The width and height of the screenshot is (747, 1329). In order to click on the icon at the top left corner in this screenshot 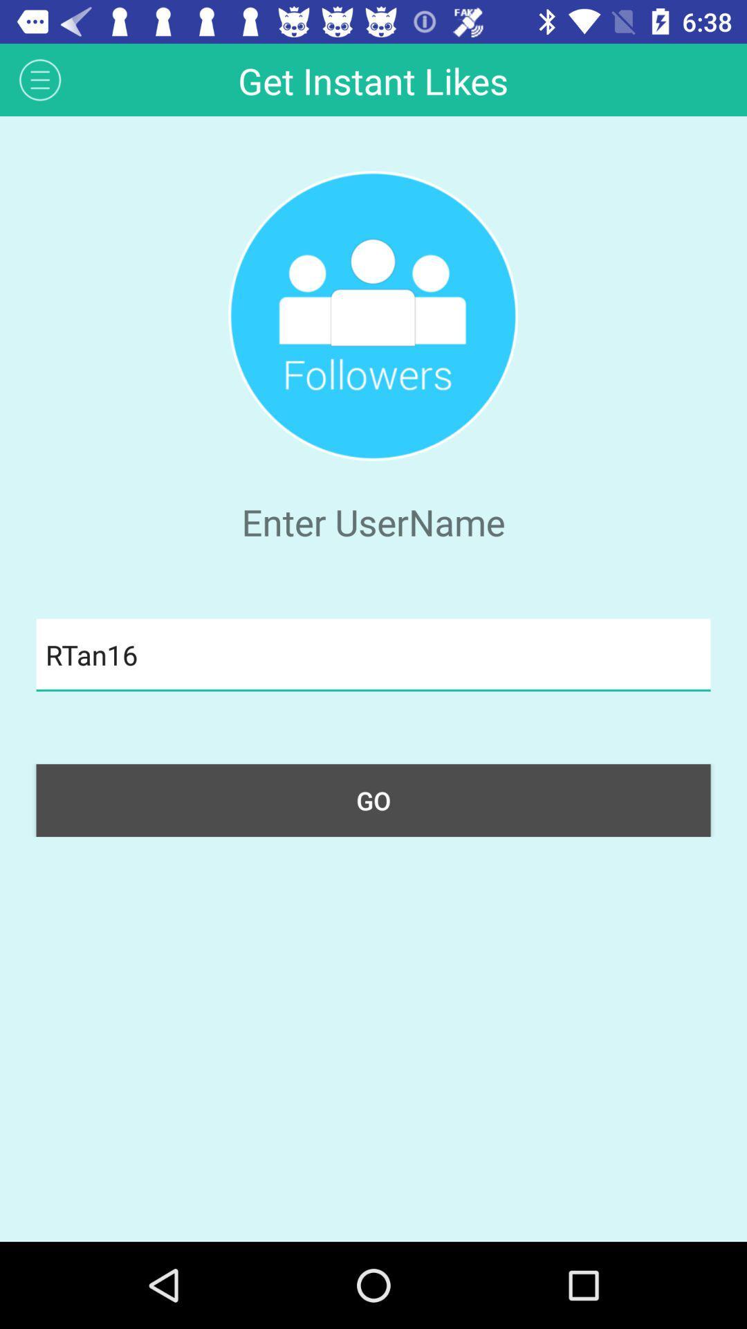, I will do `click(39, 79)`.